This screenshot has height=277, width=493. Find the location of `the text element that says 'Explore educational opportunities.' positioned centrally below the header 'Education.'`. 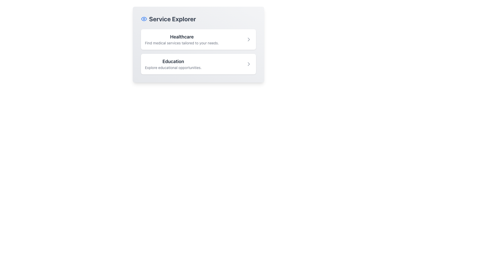

the text element that says 'Explore educational opportunities.' positioned centrally below the header 'Education.' is located at coordinates (173, 67).